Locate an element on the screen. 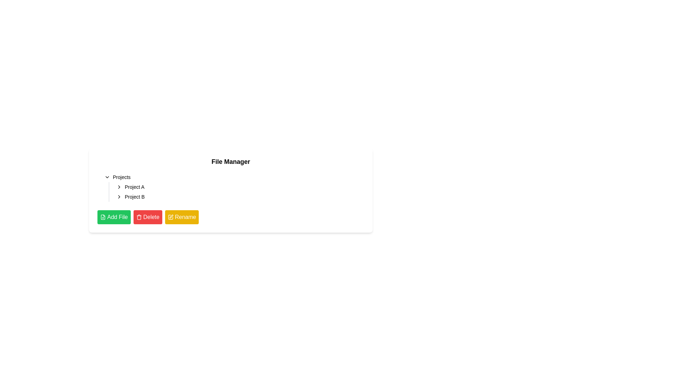 This screenshot has height=379, width=673. on the 'Projects' text element, which is styled in a small font and positioned between a chevron-down icon and the nested elements 'Project A' and 'Project B' is located at coordinates (122, 177).